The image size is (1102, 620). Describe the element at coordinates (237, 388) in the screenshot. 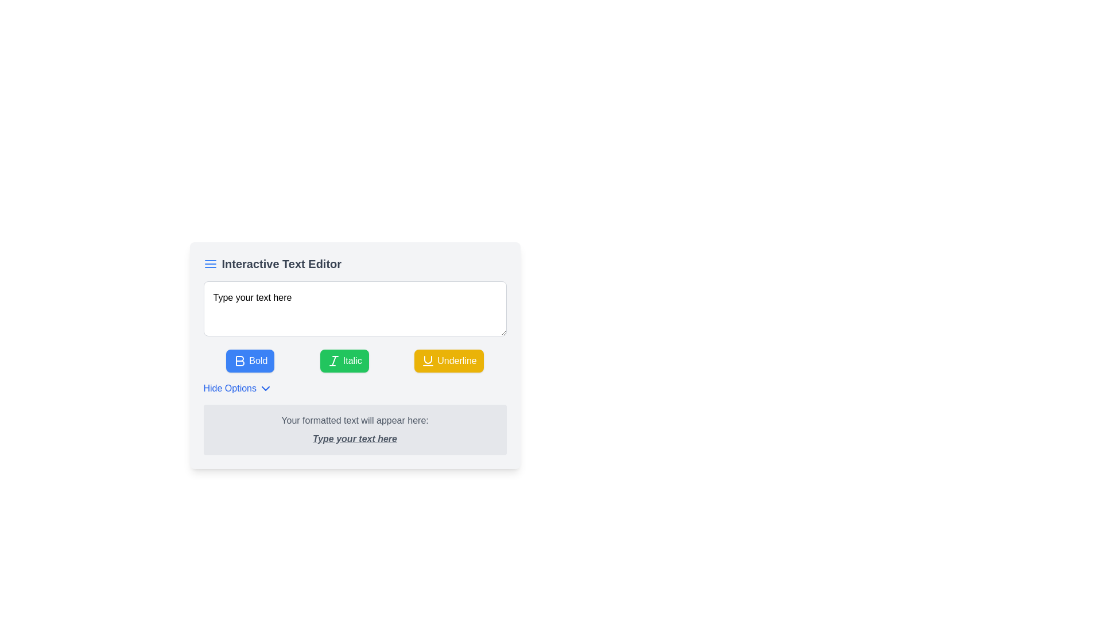

I see `the 'Hide Options' button, which is styled in blue font and features a downward-facing arrow icon` at that location.